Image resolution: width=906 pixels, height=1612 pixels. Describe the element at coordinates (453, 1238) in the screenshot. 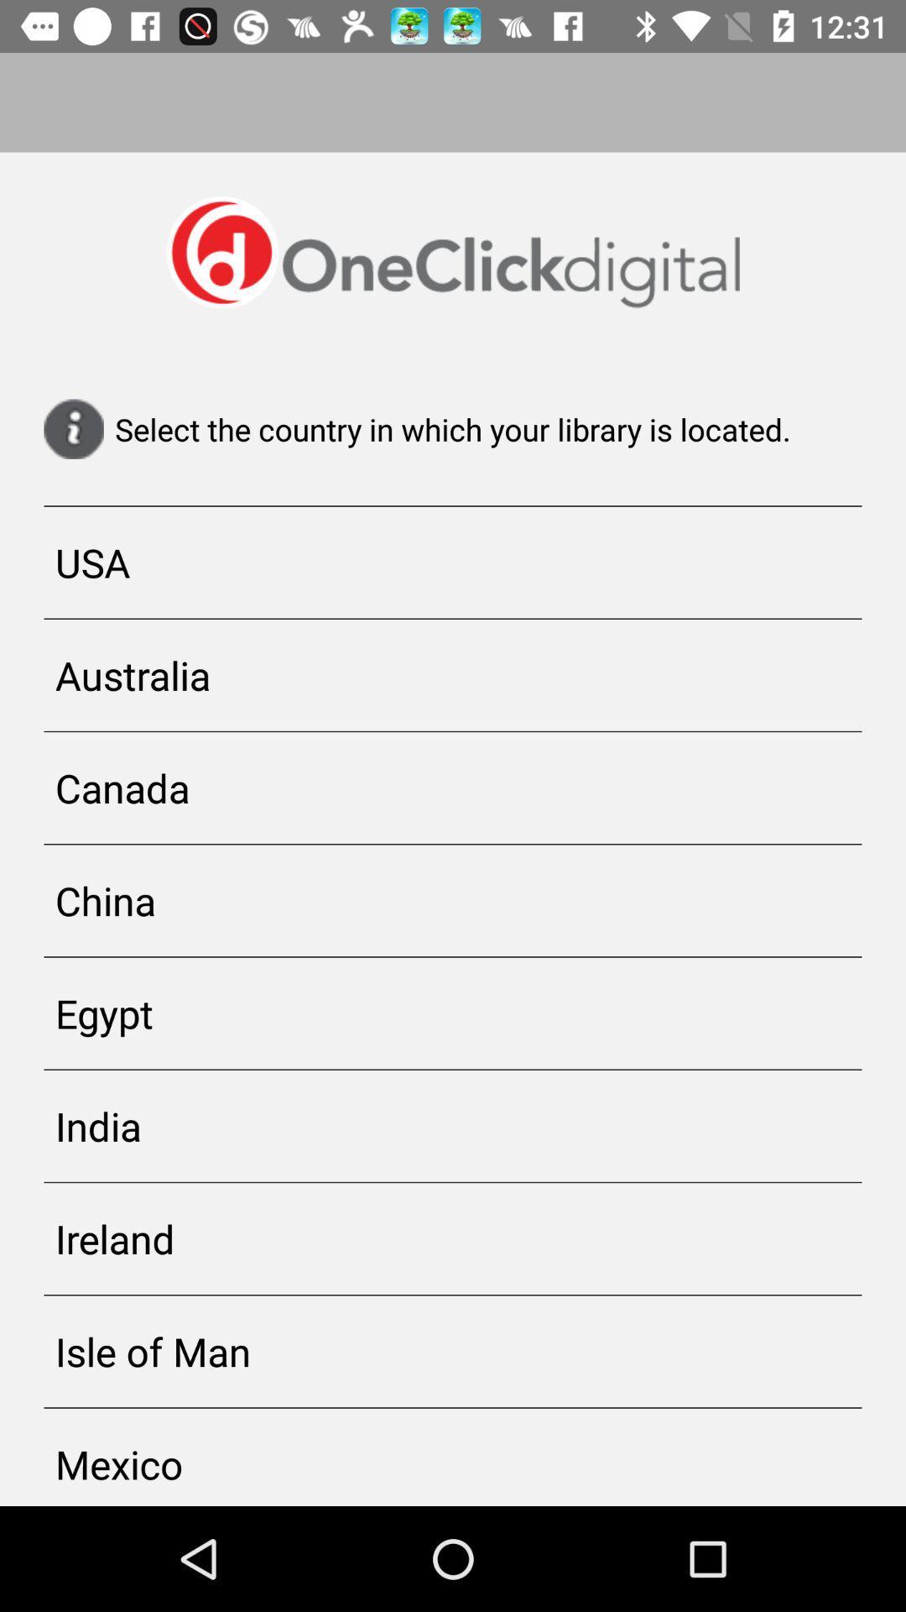

I see `item below india app` at that location.